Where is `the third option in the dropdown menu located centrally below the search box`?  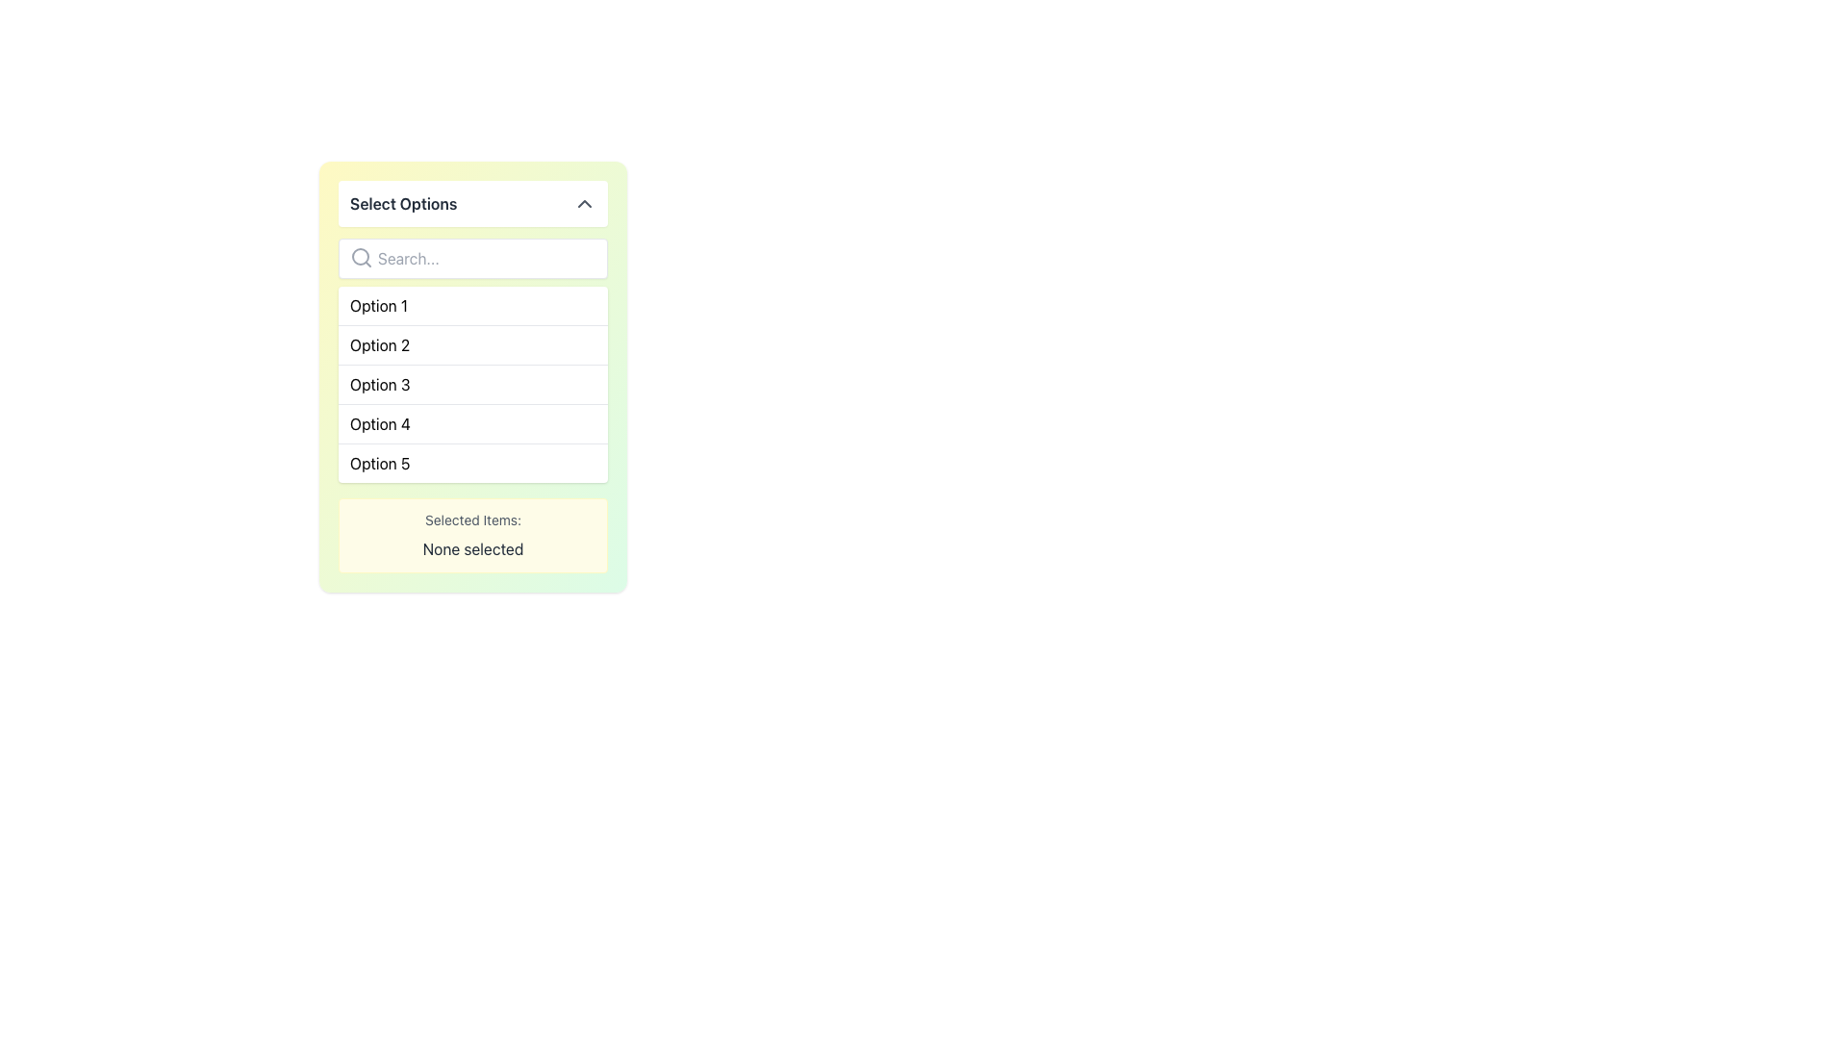
the third option in the dropdown menu located centrally below the search box is located at coordinates (472, 385).